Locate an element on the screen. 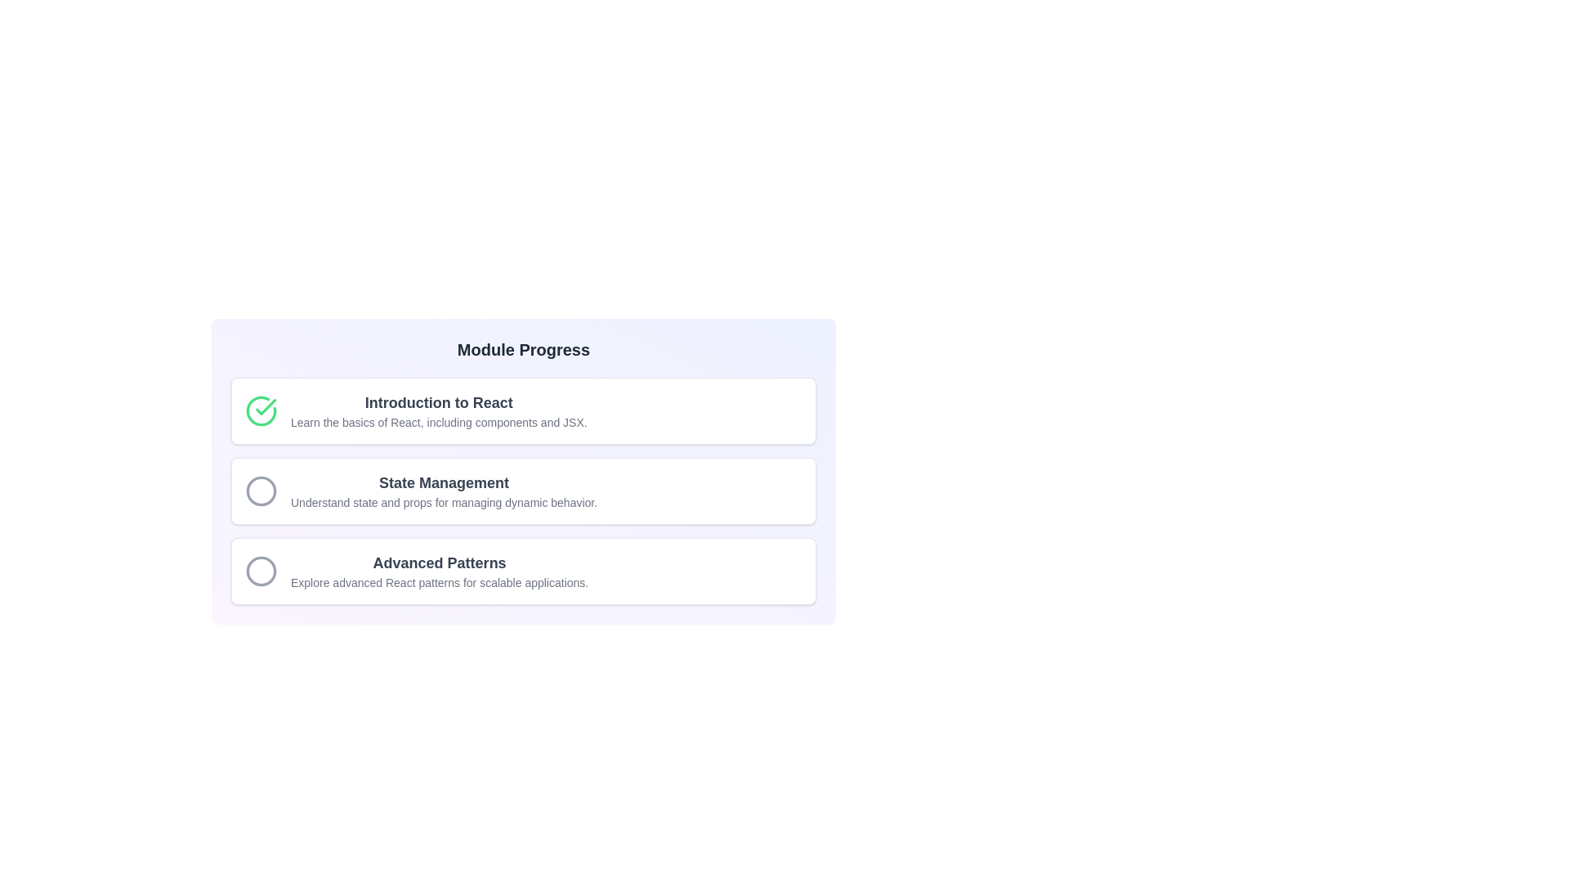 The width and height of the screenshot is (1569, 883). the second list item in the 'Module Progress' section, which contains information about React programming is located at coordinates (524, 491).